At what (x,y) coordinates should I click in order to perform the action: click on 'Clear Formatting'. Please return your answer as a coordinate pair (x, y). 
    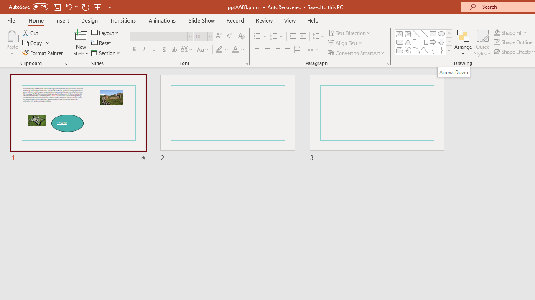
    Looking at the image, I should click on (241, 36).